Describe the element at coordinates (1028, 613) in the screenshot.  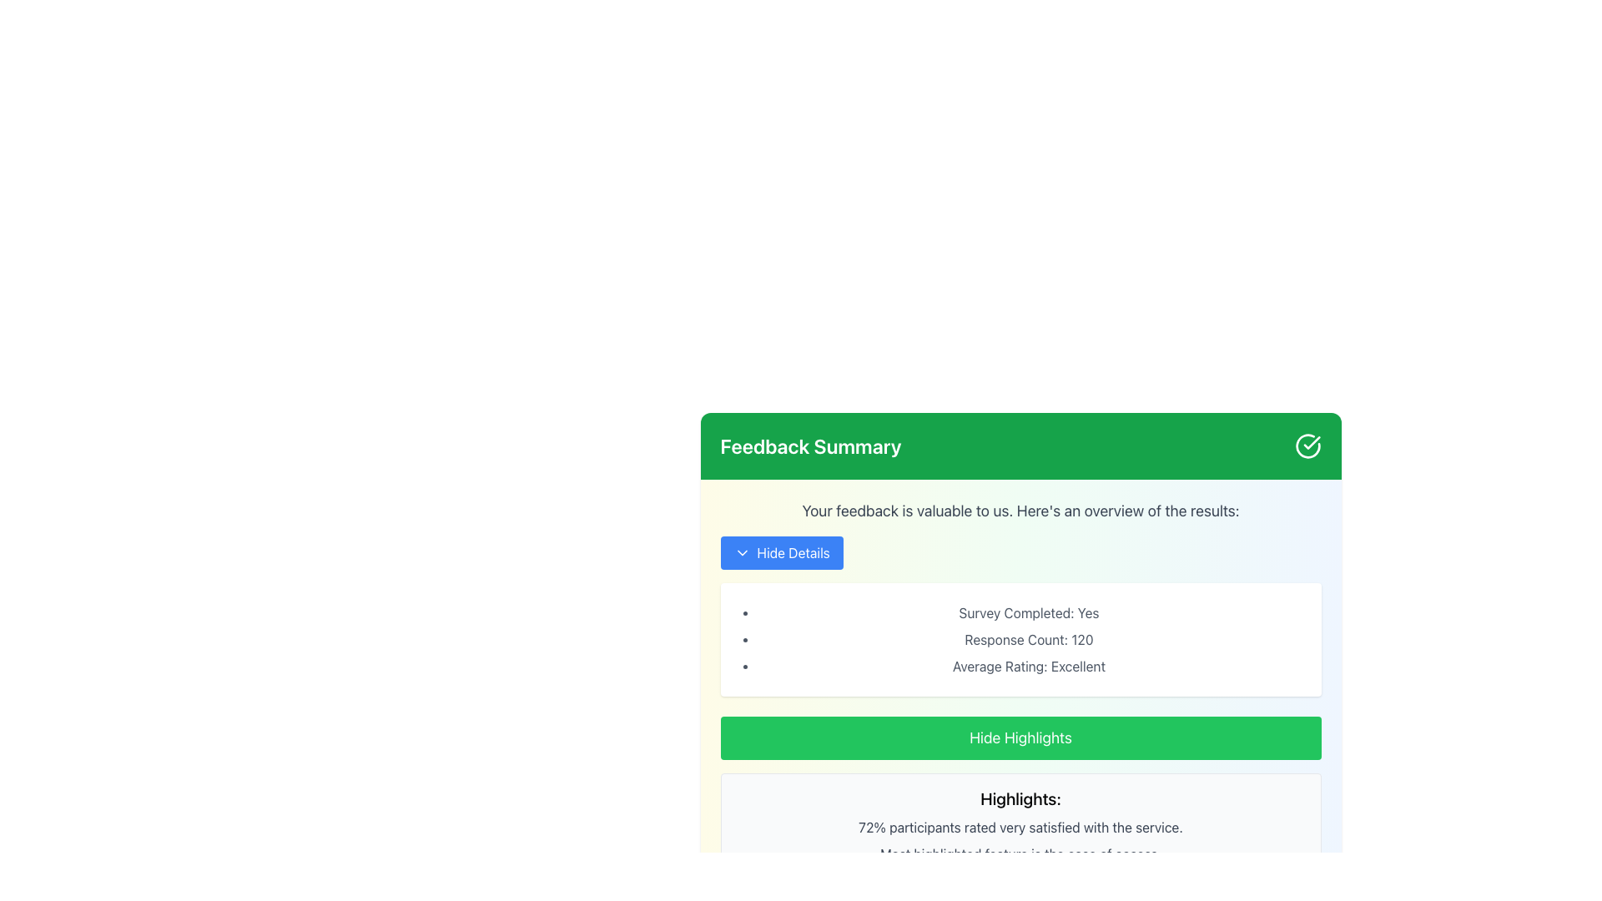
I see `the static text label that displays summary information about the survey completion status, located directly below the 'Hide Details' button` at that location.